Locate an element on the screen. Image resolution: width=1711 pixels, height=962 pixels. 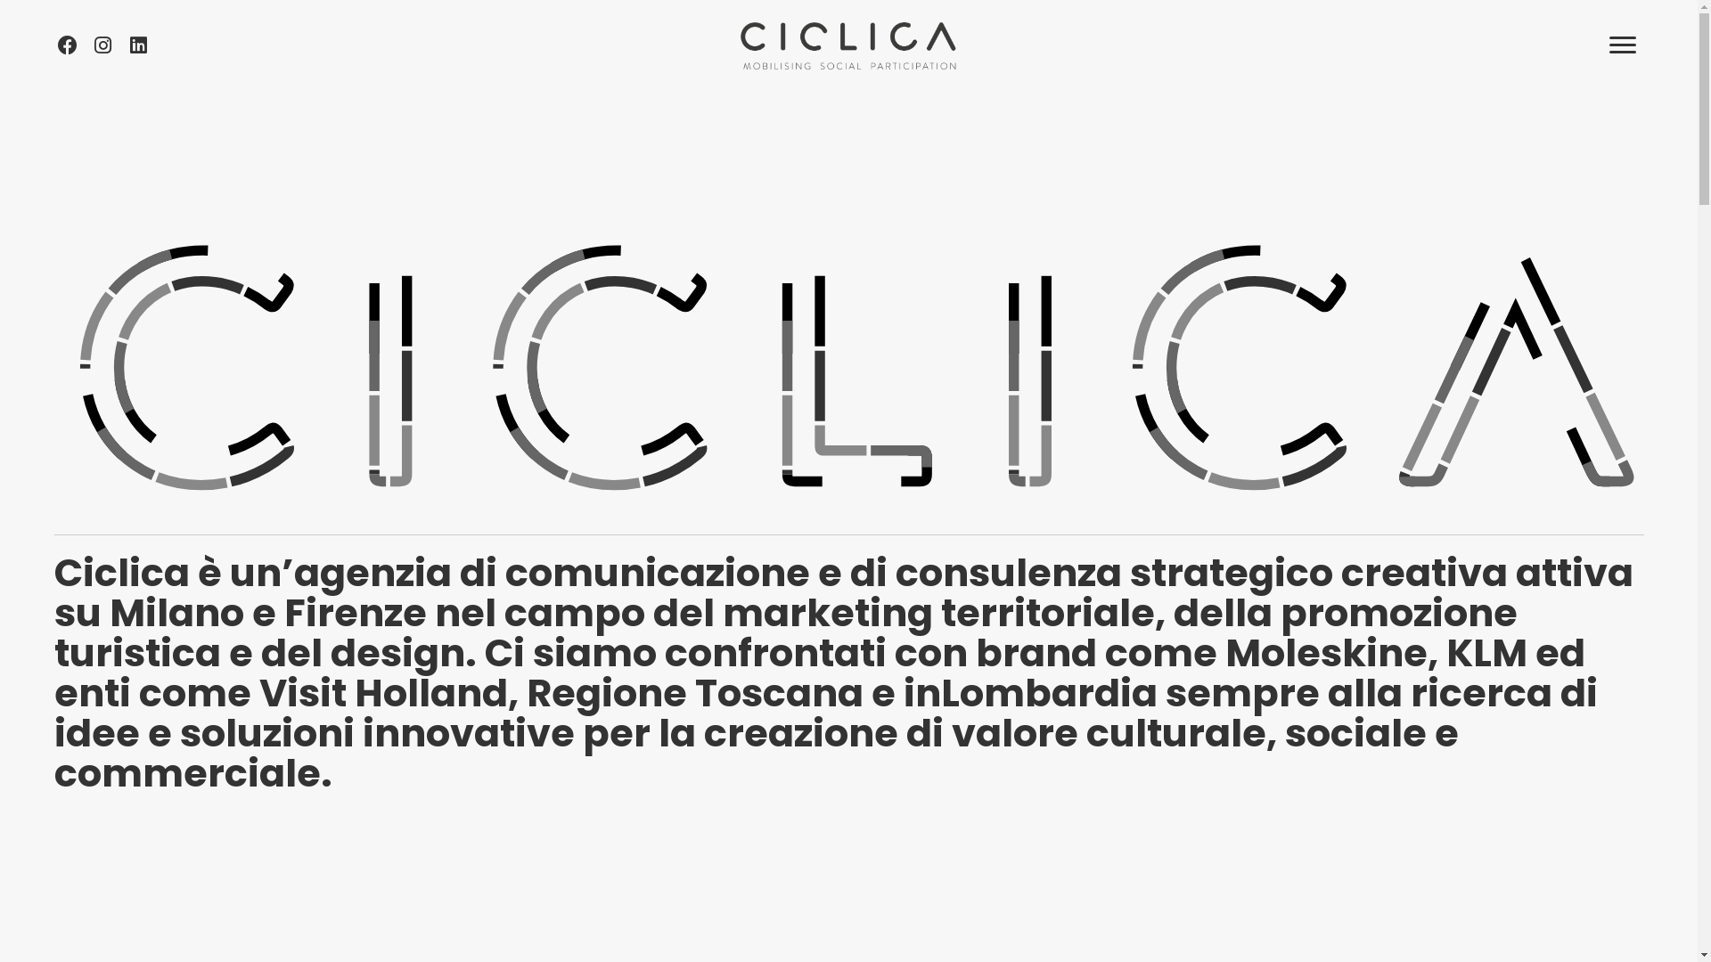
'Instagram' is located at coordinates (102, 44).